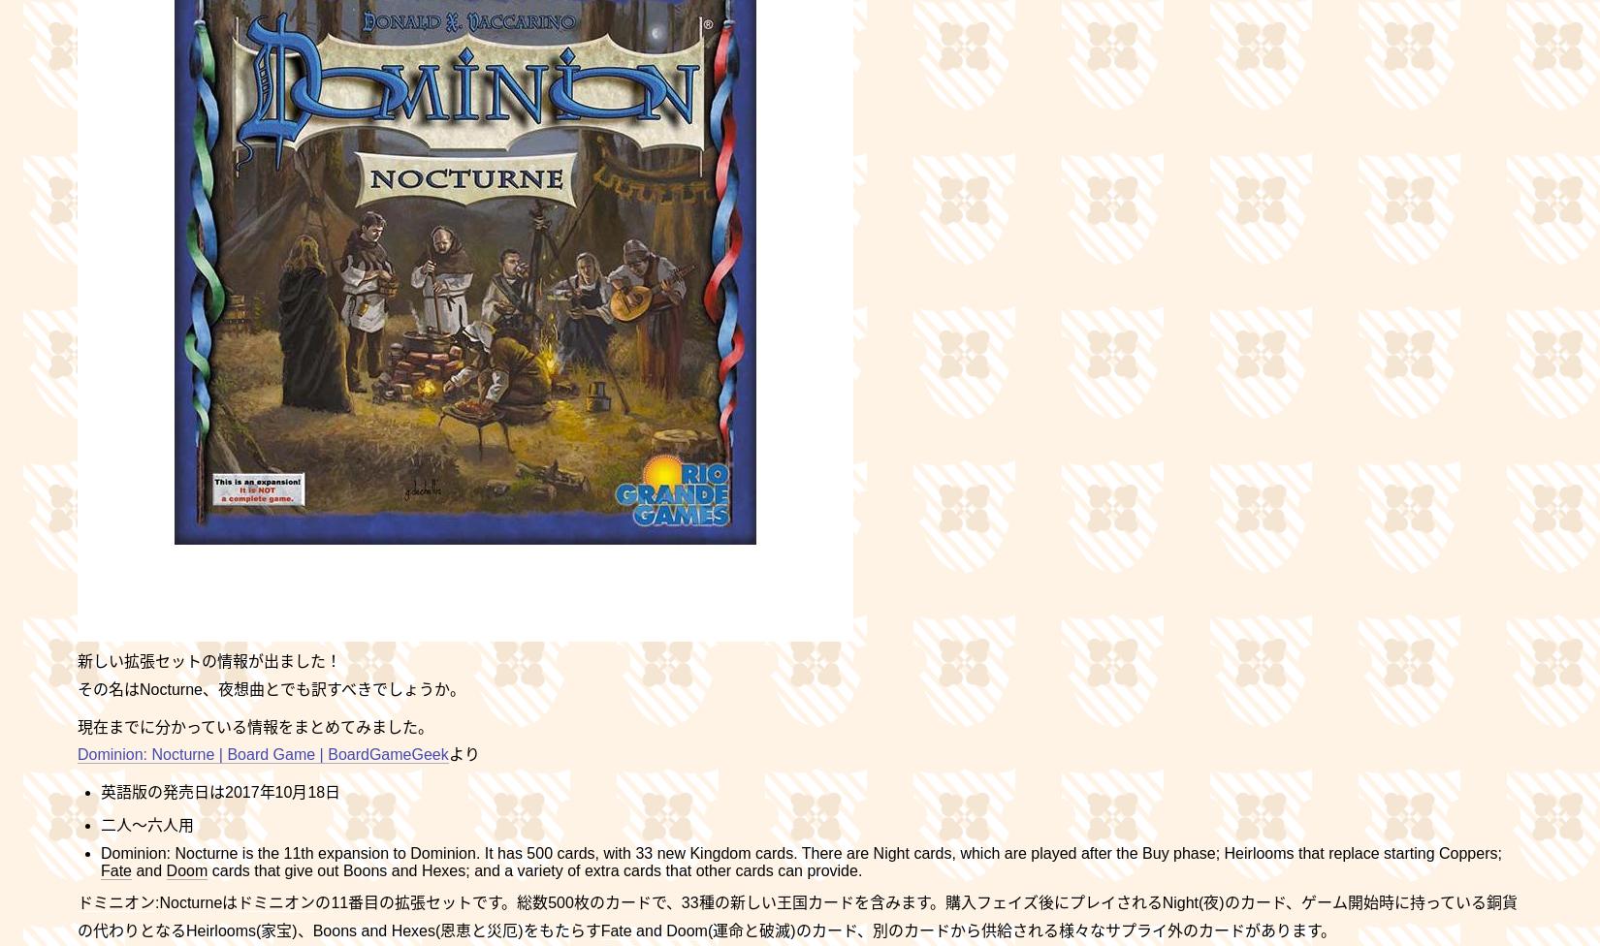 This screenshot has height=946, width=1600. Describe the element at coordinates (196, 901) in the screenshot. I see `':Nocturneは'` at that location.